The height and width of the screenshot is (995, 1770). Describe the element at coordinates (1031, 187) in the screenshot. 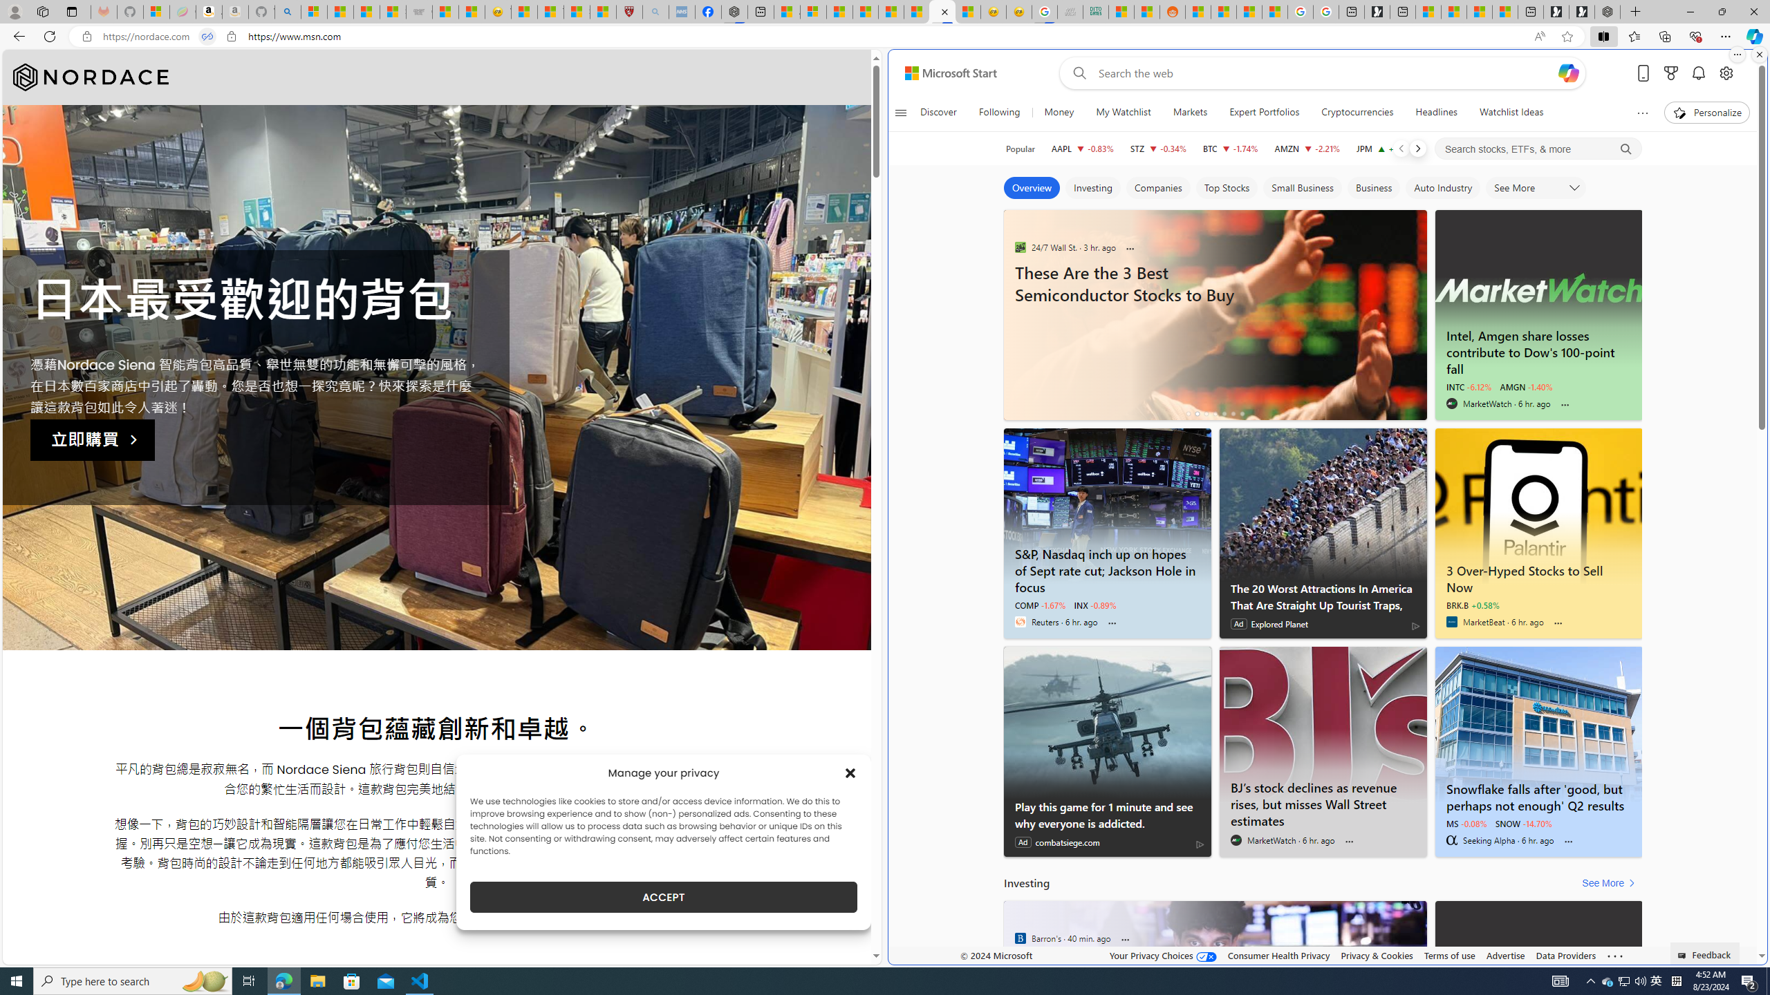

I see `'Overview'` at that location.